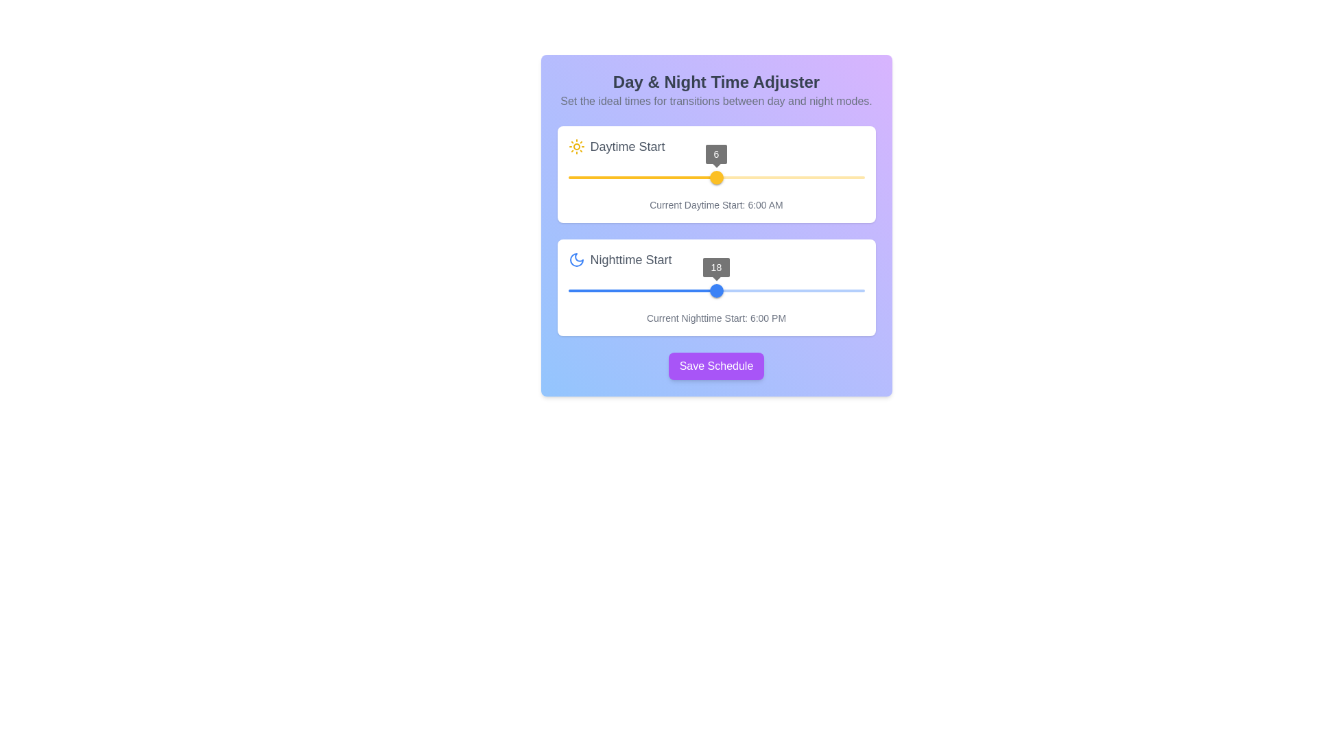 This screenshot has width=1317, height=741. I want to click on the gray circular UI component displaying the number '6', which is located directly above the slider marker in the 'Daytime Start' section, so click(715, 154).